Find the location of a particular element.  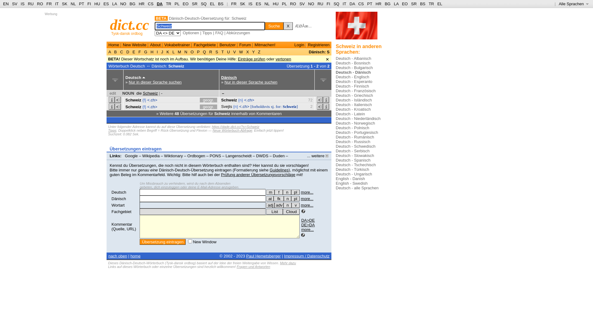

'... weitere' is located at coordinates (318, 155).